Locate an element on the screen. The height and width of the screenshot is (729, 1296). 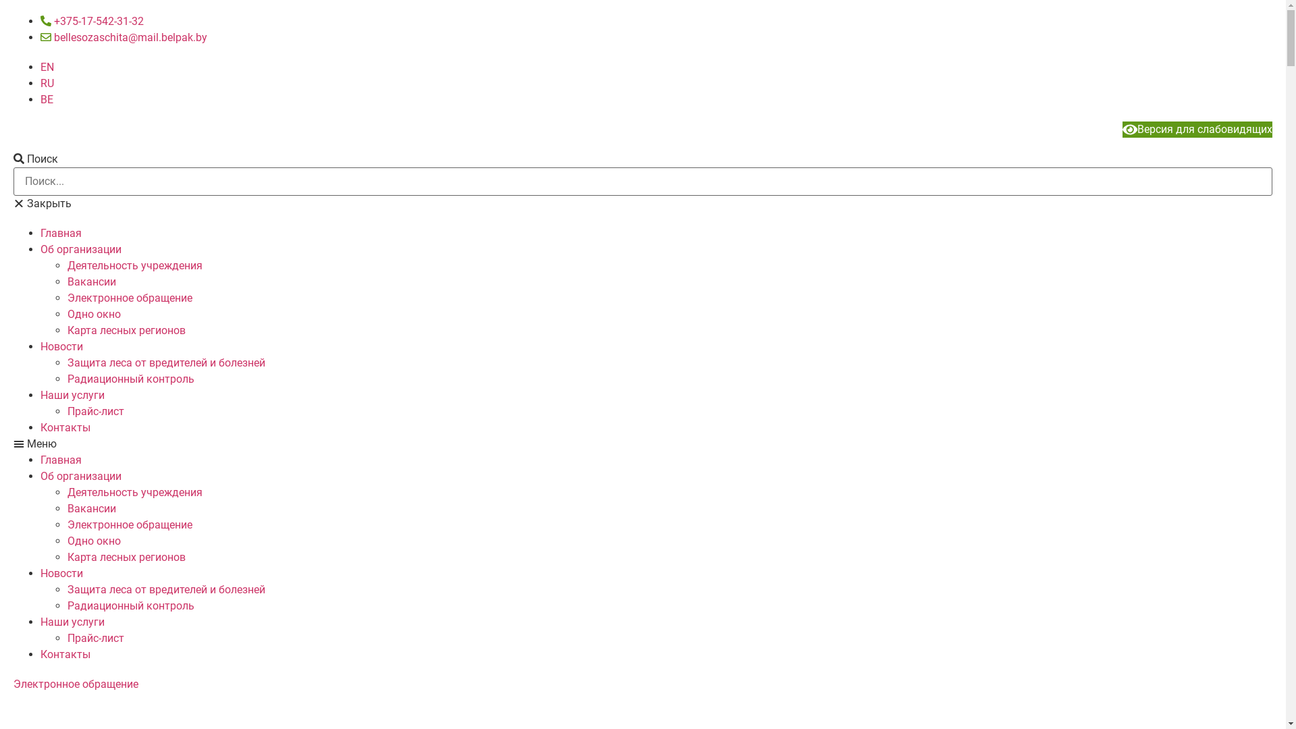
'+375-17-542-31-32' is located at coordinates (91, 21).